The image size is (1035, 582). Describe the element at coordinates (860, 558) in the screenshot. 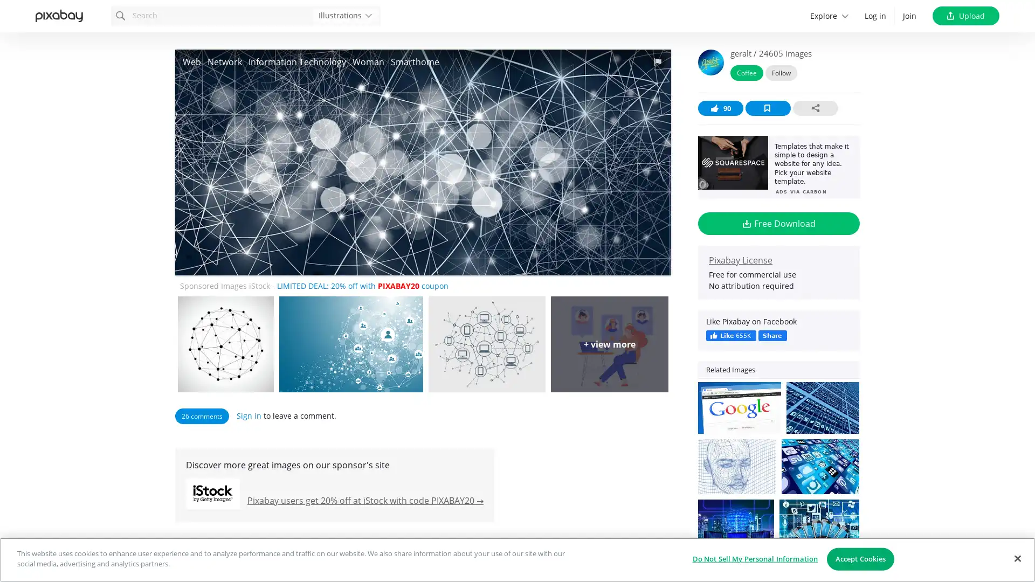

I see `Accept Cookies` at that location.